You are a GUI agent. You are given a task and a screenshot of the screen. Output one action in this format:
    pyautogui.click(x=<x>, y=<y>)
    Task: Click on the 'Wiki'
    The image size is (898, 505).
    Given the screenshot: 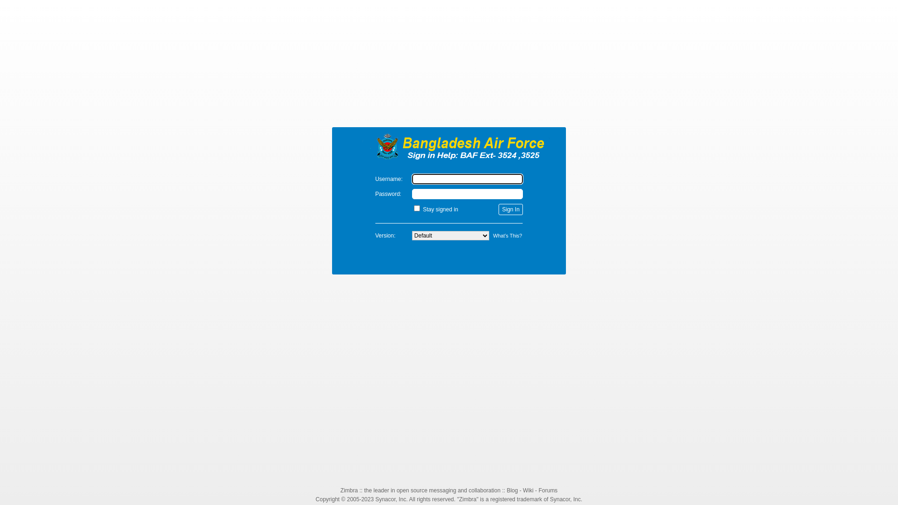 What is the action you would take?
    pyautogui.click(x=522, y=490)
    